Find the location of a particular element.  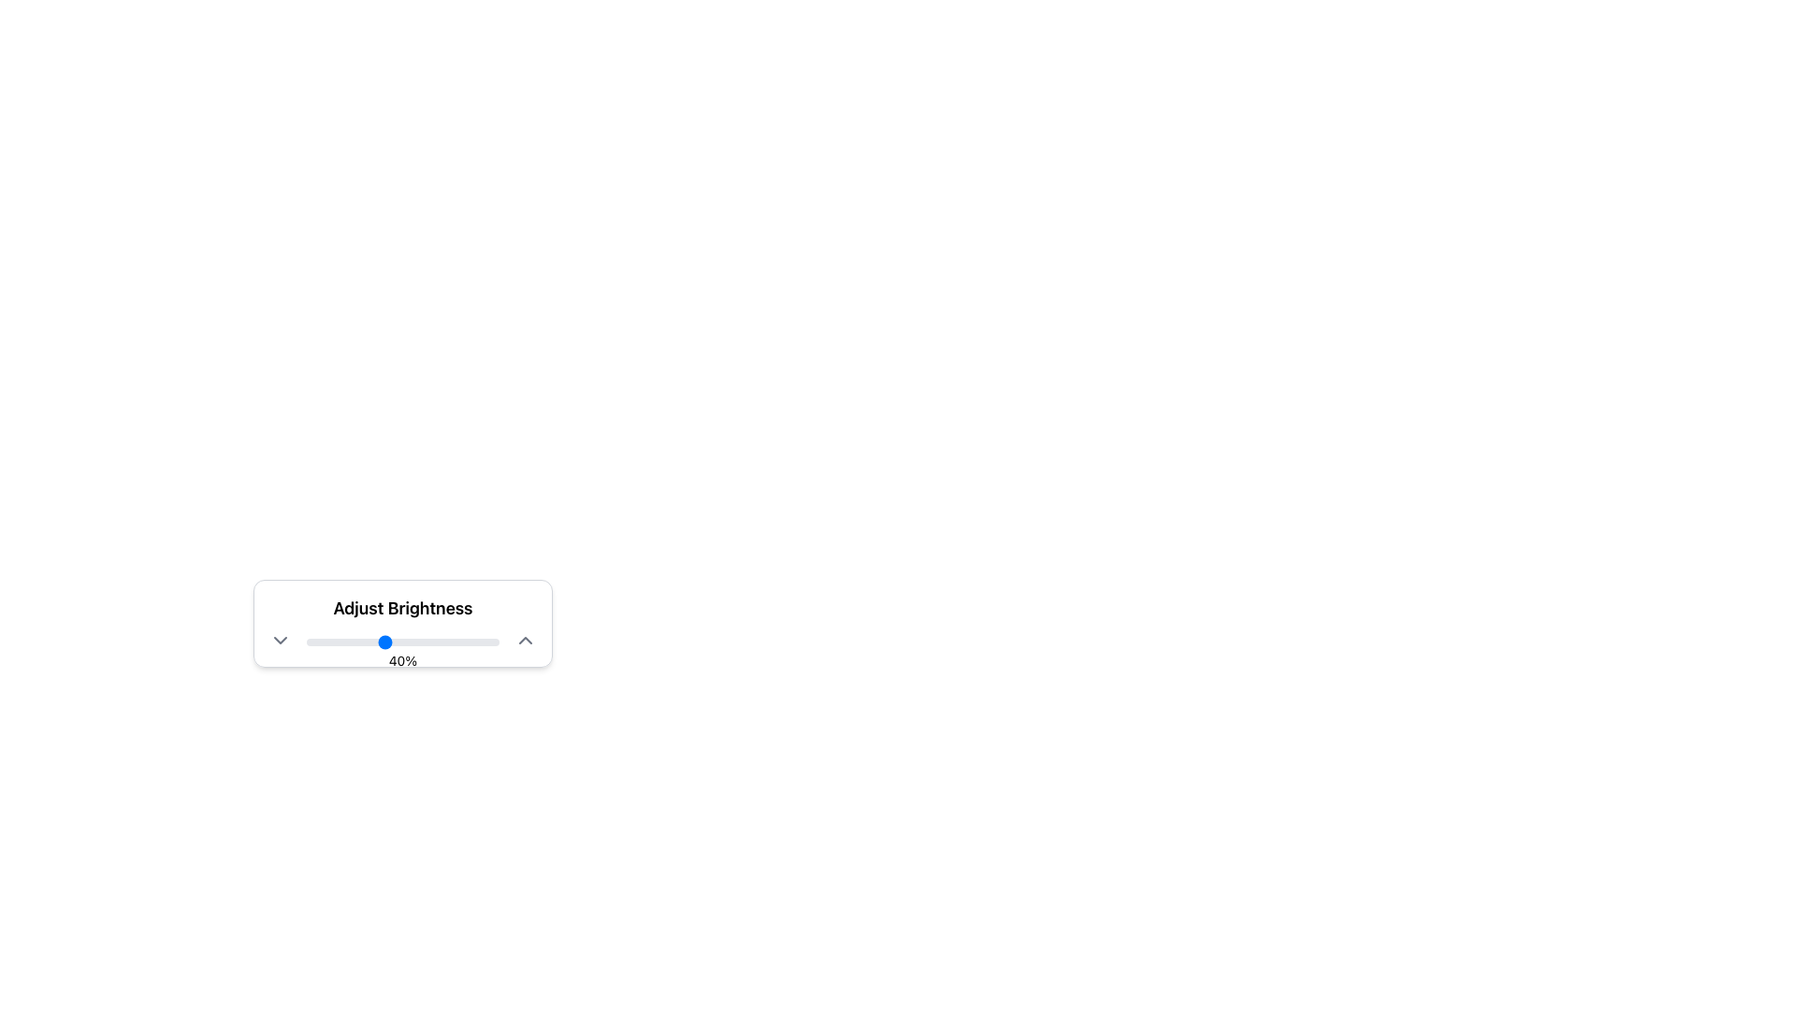

the brightness is located at coordinates (469, 641).